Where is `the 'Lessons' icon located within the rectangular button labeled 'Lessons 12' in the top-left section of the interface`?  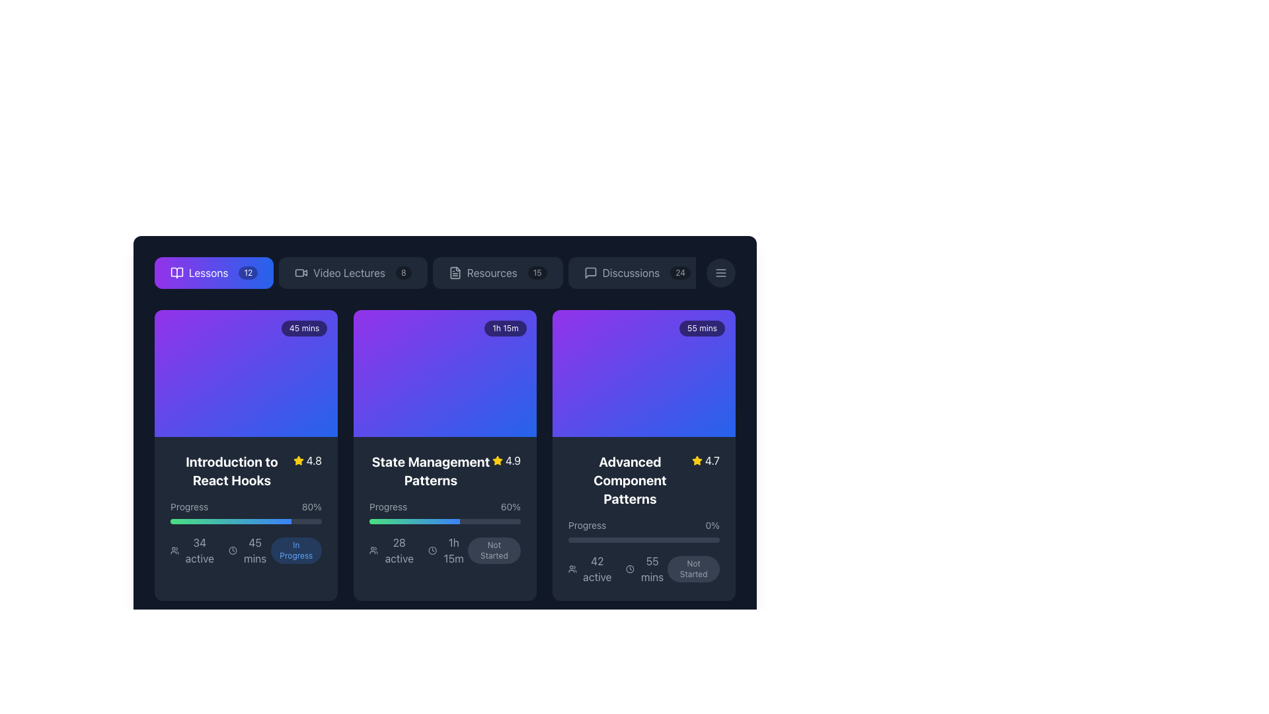 the 'Lessons' icon located within the rectangular button labeled 'Lessons 12' in the top-left section of the interface is located at coordinates (176, 272).